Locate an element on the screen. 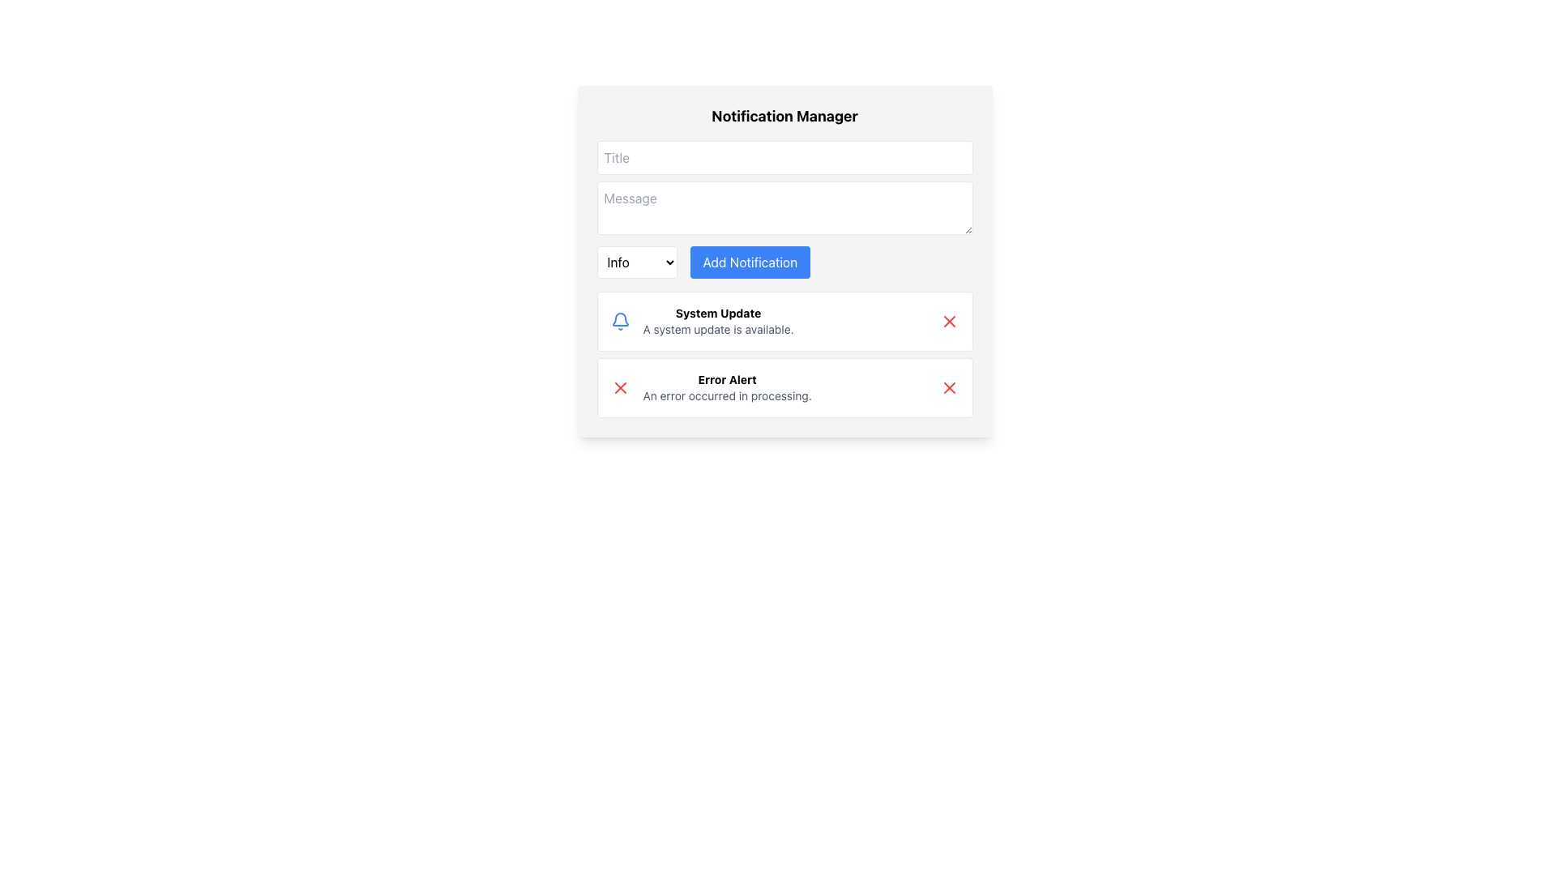 The image size is (1556, 875). the notification box indicating an error occurrence is located at coordinates (784, 387).